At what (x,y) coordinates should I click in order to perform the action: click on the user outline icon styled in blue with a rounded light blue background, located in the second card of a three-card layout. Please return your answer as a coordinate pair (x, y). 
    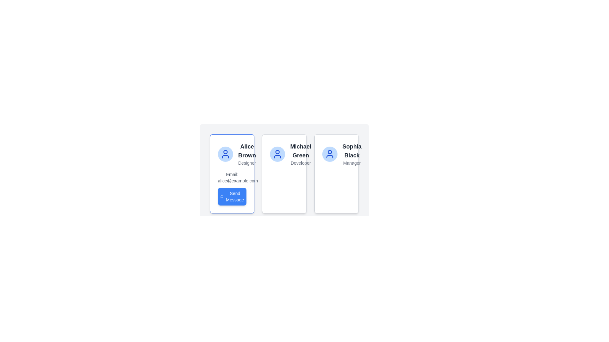
    Looking at the image, I should click on (278, 154).